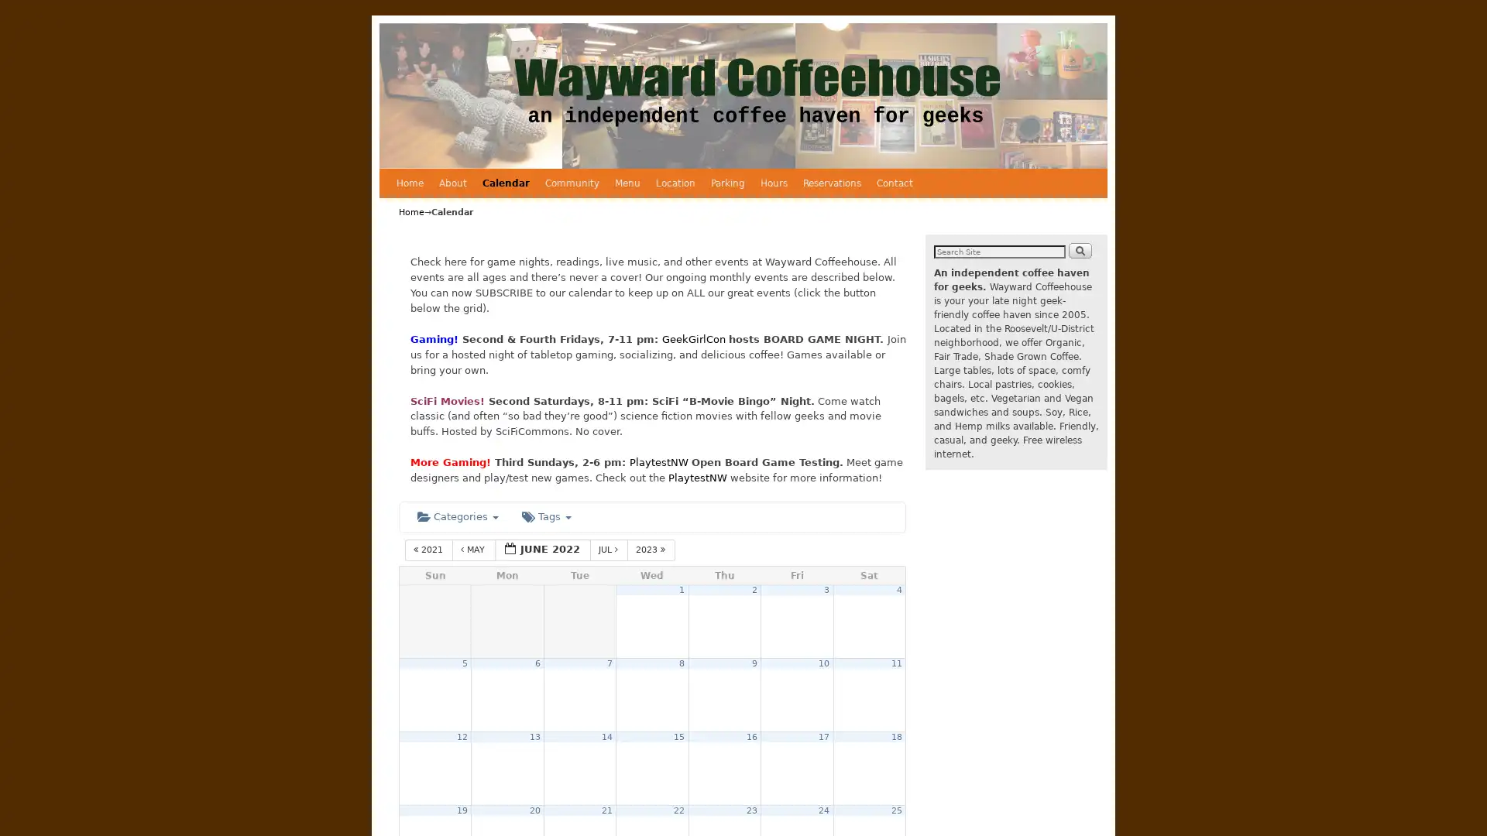  What do you see at coordinates (1080, 249) in the screenshot?
I see `Search` at bounding box center [1080, 249].